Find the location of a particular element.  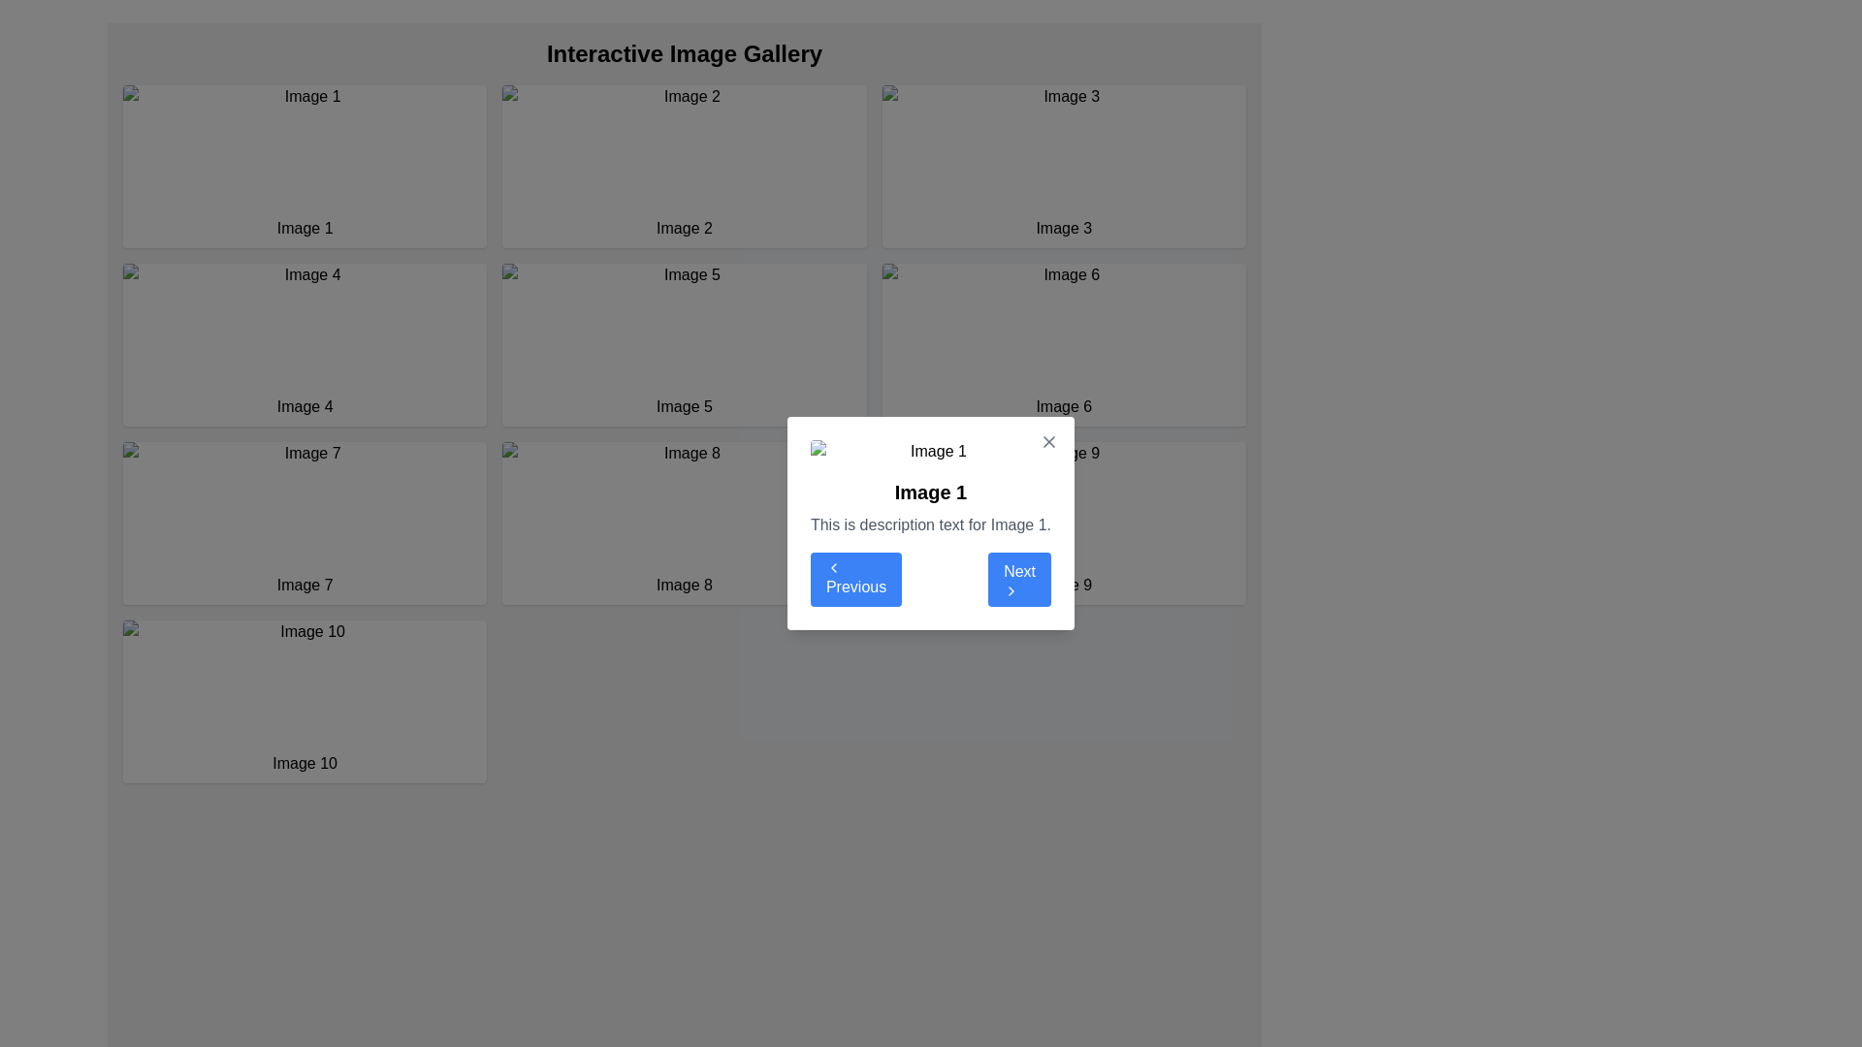

descriptive text label located beneath the bold title 'Image 1' in the modal component with a white background and rounded corners is located at coordinates (931, 525).